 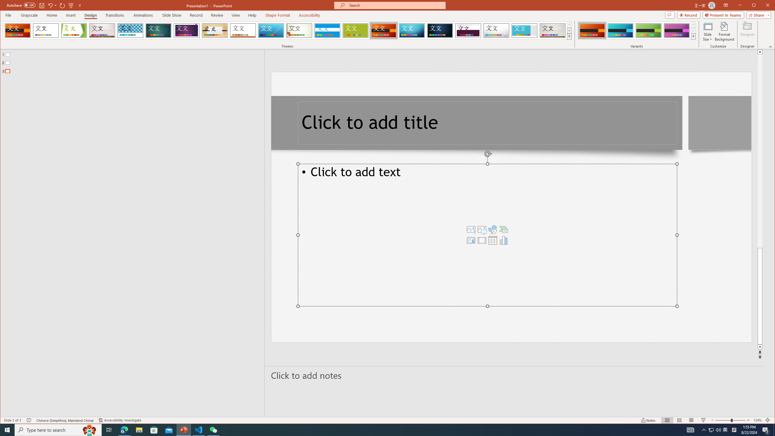 What do you see at coordinates (45, 30) in the screenshot?
I see `'Office Theme'` at bounding box center [45, 30].